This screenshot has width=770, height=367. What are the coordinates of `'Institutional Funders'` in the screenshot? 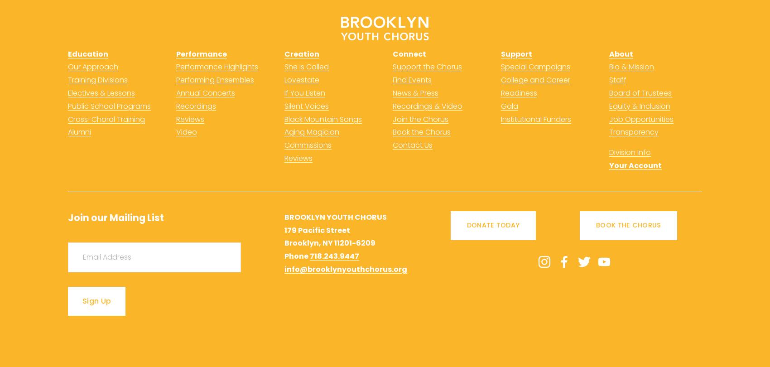 It's located at (501, 118).